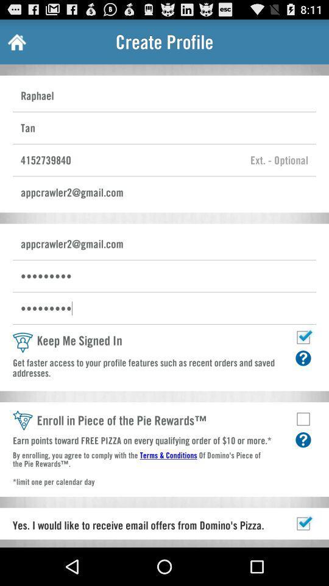 The height and width of the screenshot is (586, 329). What do you see at coordinates (302, 419) in the screenshot?
I see `box option` at bounding box center [302, 419].